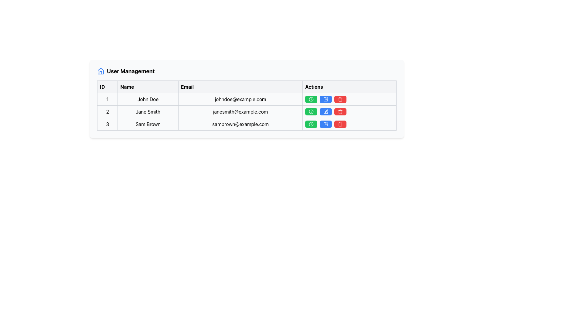 Image resolution: width=583 pixels, height=328 pixels. I want to click on the red circular icon button with a white trashcan glyph located in the third row under the 'Actions' column, so click(340, 111).